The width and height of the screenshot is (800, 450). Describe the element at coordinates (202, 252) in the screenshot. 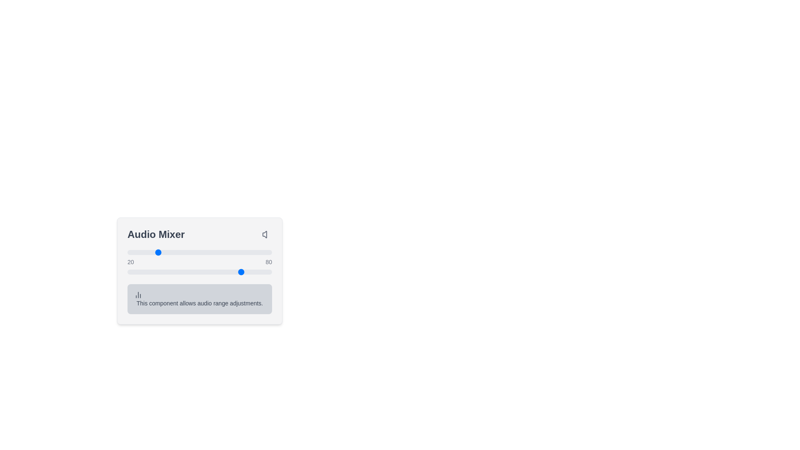

I see `the slider` at that location.